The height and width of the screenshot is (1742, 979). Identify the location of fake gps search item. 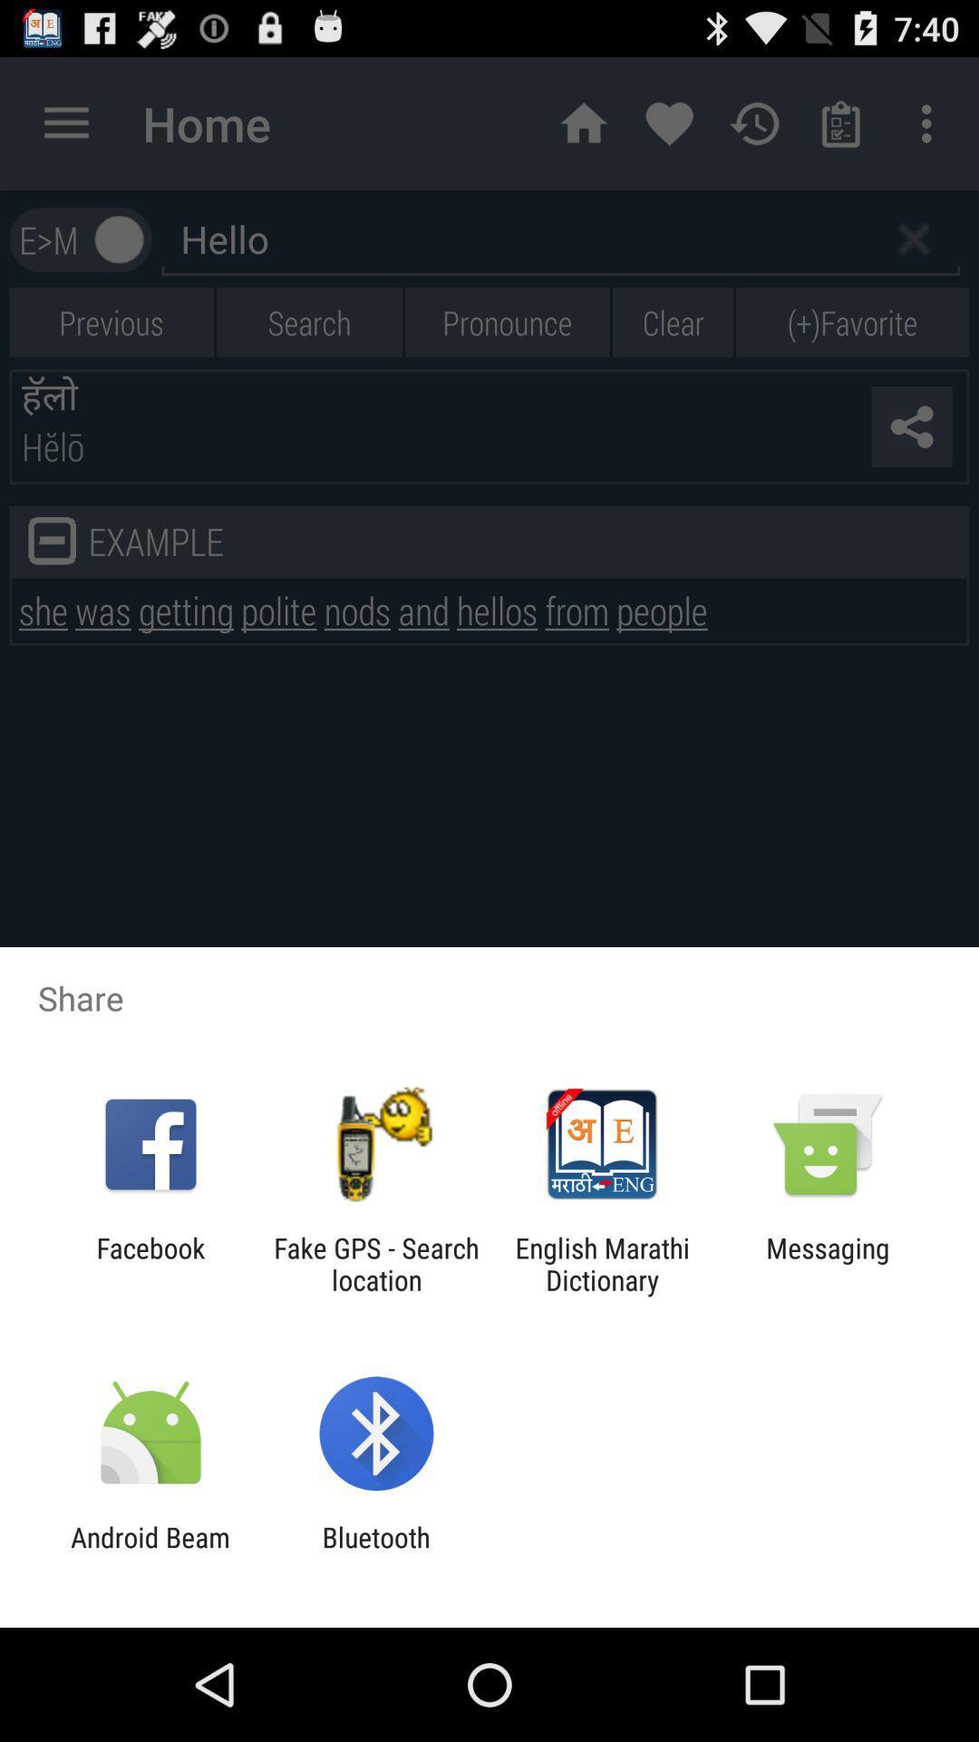
(375, 1263).